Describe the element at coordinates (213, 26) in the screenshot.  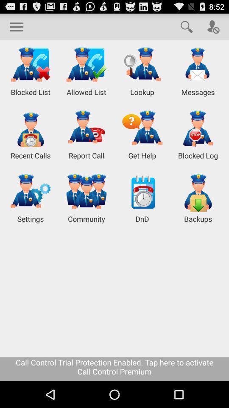
I see `someone` at that location.